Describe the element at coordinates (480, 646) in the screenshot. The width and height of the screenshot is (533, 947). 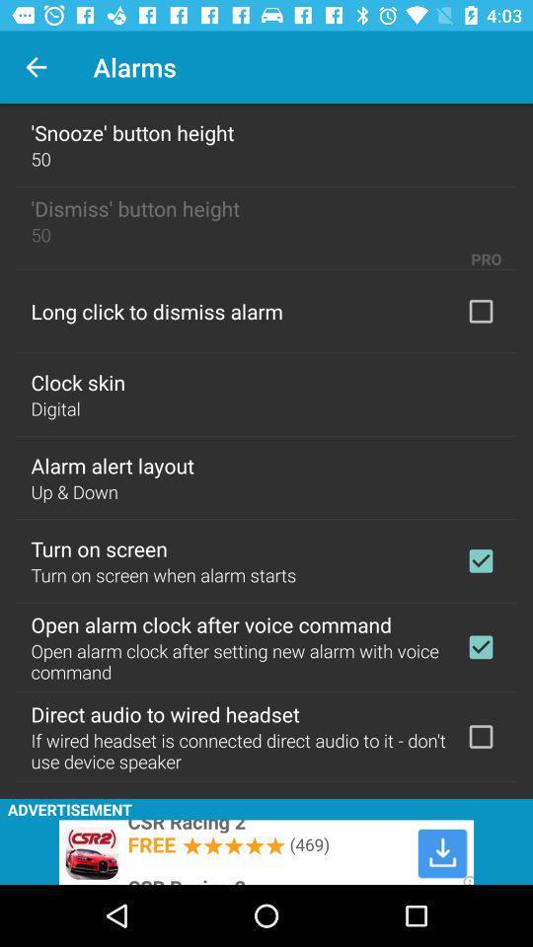
I see `for on and off` at that location.